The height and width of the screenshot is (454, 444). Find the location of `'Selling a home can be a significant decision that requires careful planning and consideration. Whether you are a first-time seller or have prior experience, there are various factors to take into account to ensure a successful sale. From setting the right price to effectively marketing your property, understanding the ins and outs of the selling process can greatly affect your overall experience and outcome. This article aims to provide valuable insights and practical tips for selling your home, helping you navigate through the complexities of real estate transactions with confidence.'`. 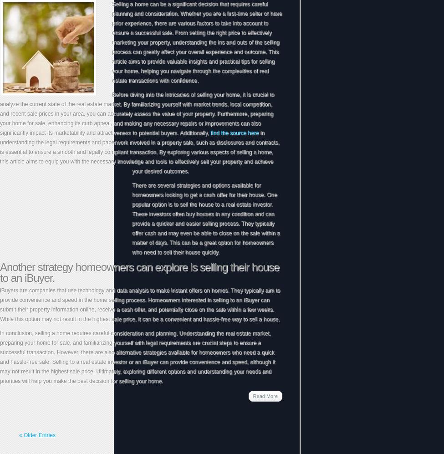

'Selling a home can be a significant decision that requires careful planning and consideration. Whether you are a first-time seller or have prior experience, there are various factors to take into account to ensure a successful sale. From setting the right price to effectively marketing your property, understanding the ins and outs of the selling process can greatly affect your overall experience and outcome. This article aims to provide valuable insights and practical tips for selling your home, helping you navigate through the complexities of real estate transactions with confidence.' is located at coordinates (197, 42).